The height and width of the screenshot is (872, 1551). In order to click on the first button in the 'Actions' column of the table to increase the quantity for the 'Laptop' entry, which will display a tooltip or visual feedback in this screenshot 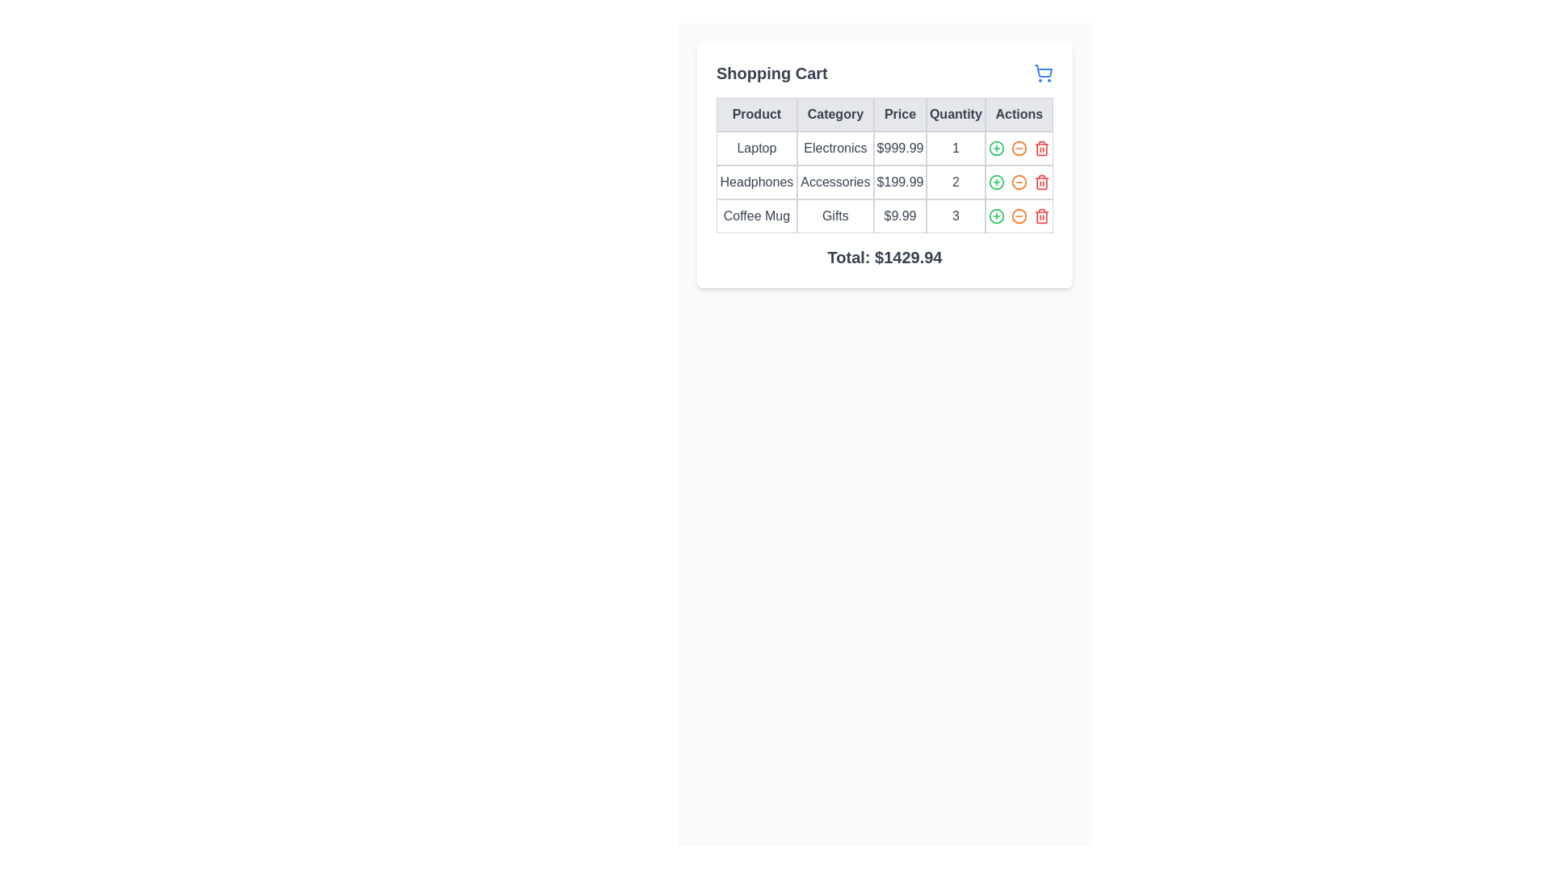, I will do `click(995, 149)`.